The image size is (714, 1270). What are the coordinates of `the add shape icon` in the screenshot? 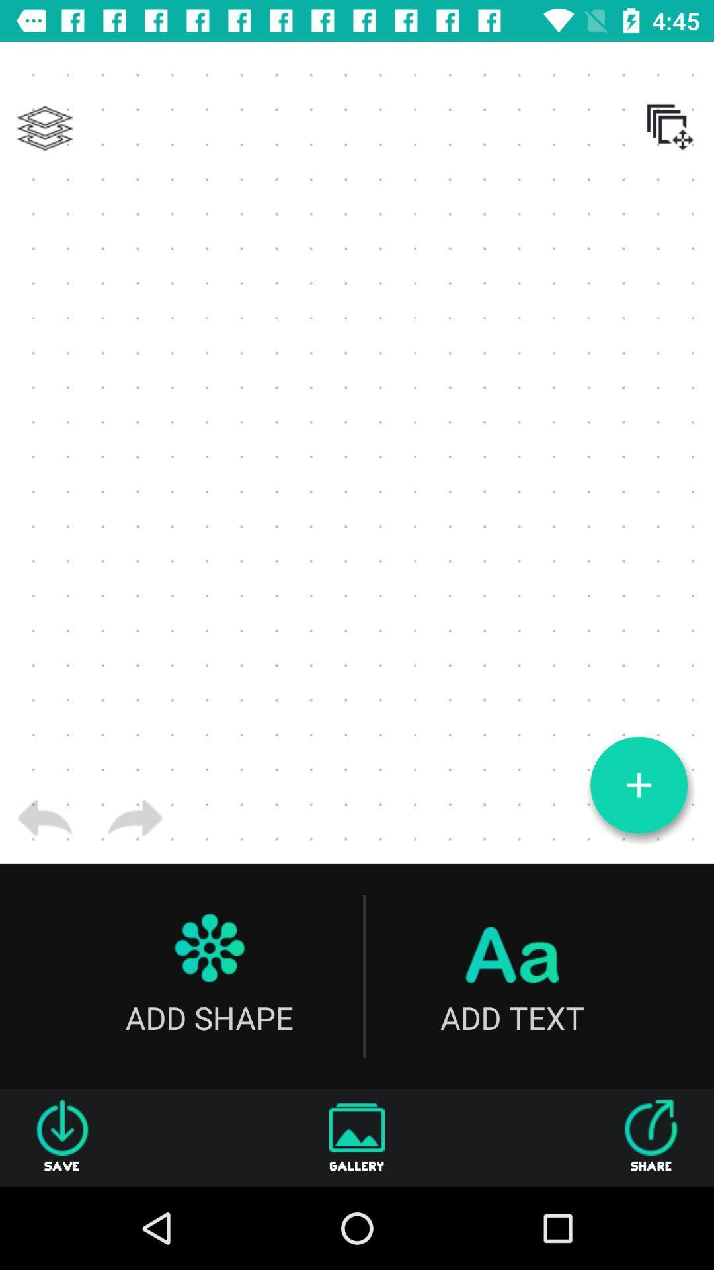 It's located at (208, 976).